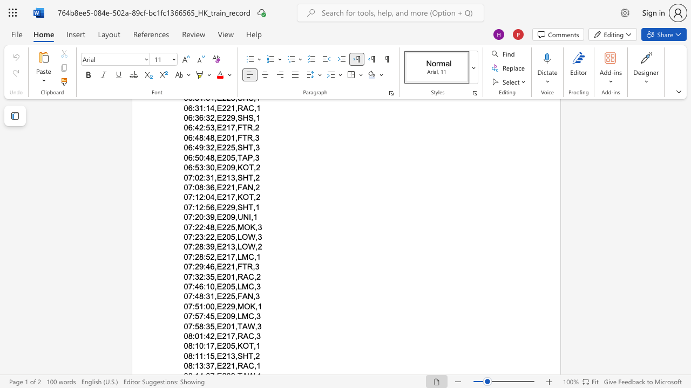 The image size is (691, 388). I want to click on the subset text "45,E20" within the text "07:57:45,E209,LMC,3", so click(206, 316).